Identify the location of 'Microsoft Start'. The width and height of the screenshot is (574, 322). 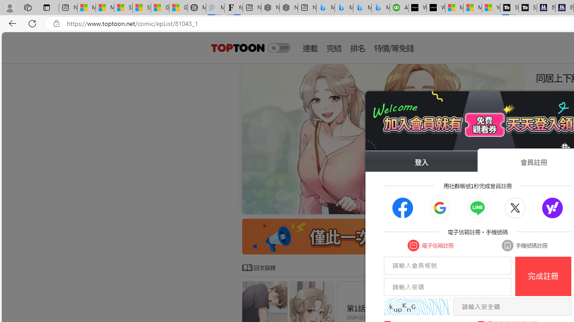
(472, 8).